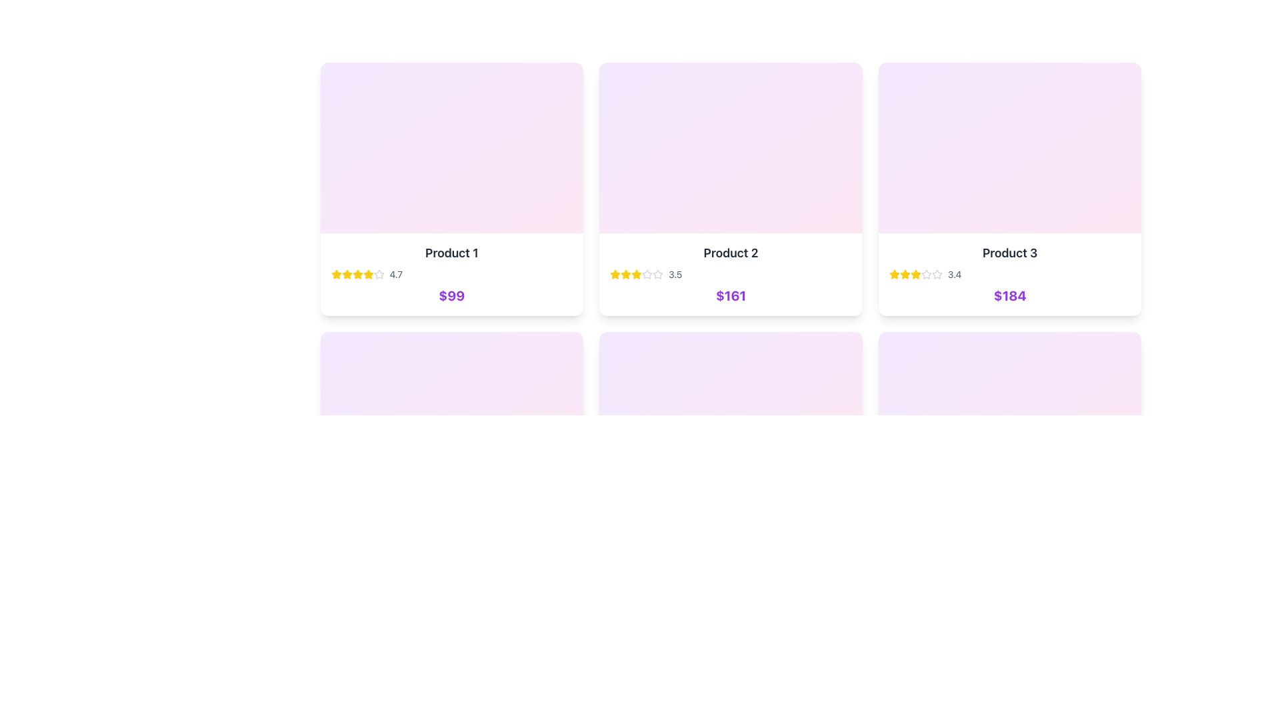 The width and height of the screenshot is (1280, 720). Describe the element at coordinates (625, 273) in the screenshot. I see `the second star in the rating row associated with 'Product 2'` at that location.